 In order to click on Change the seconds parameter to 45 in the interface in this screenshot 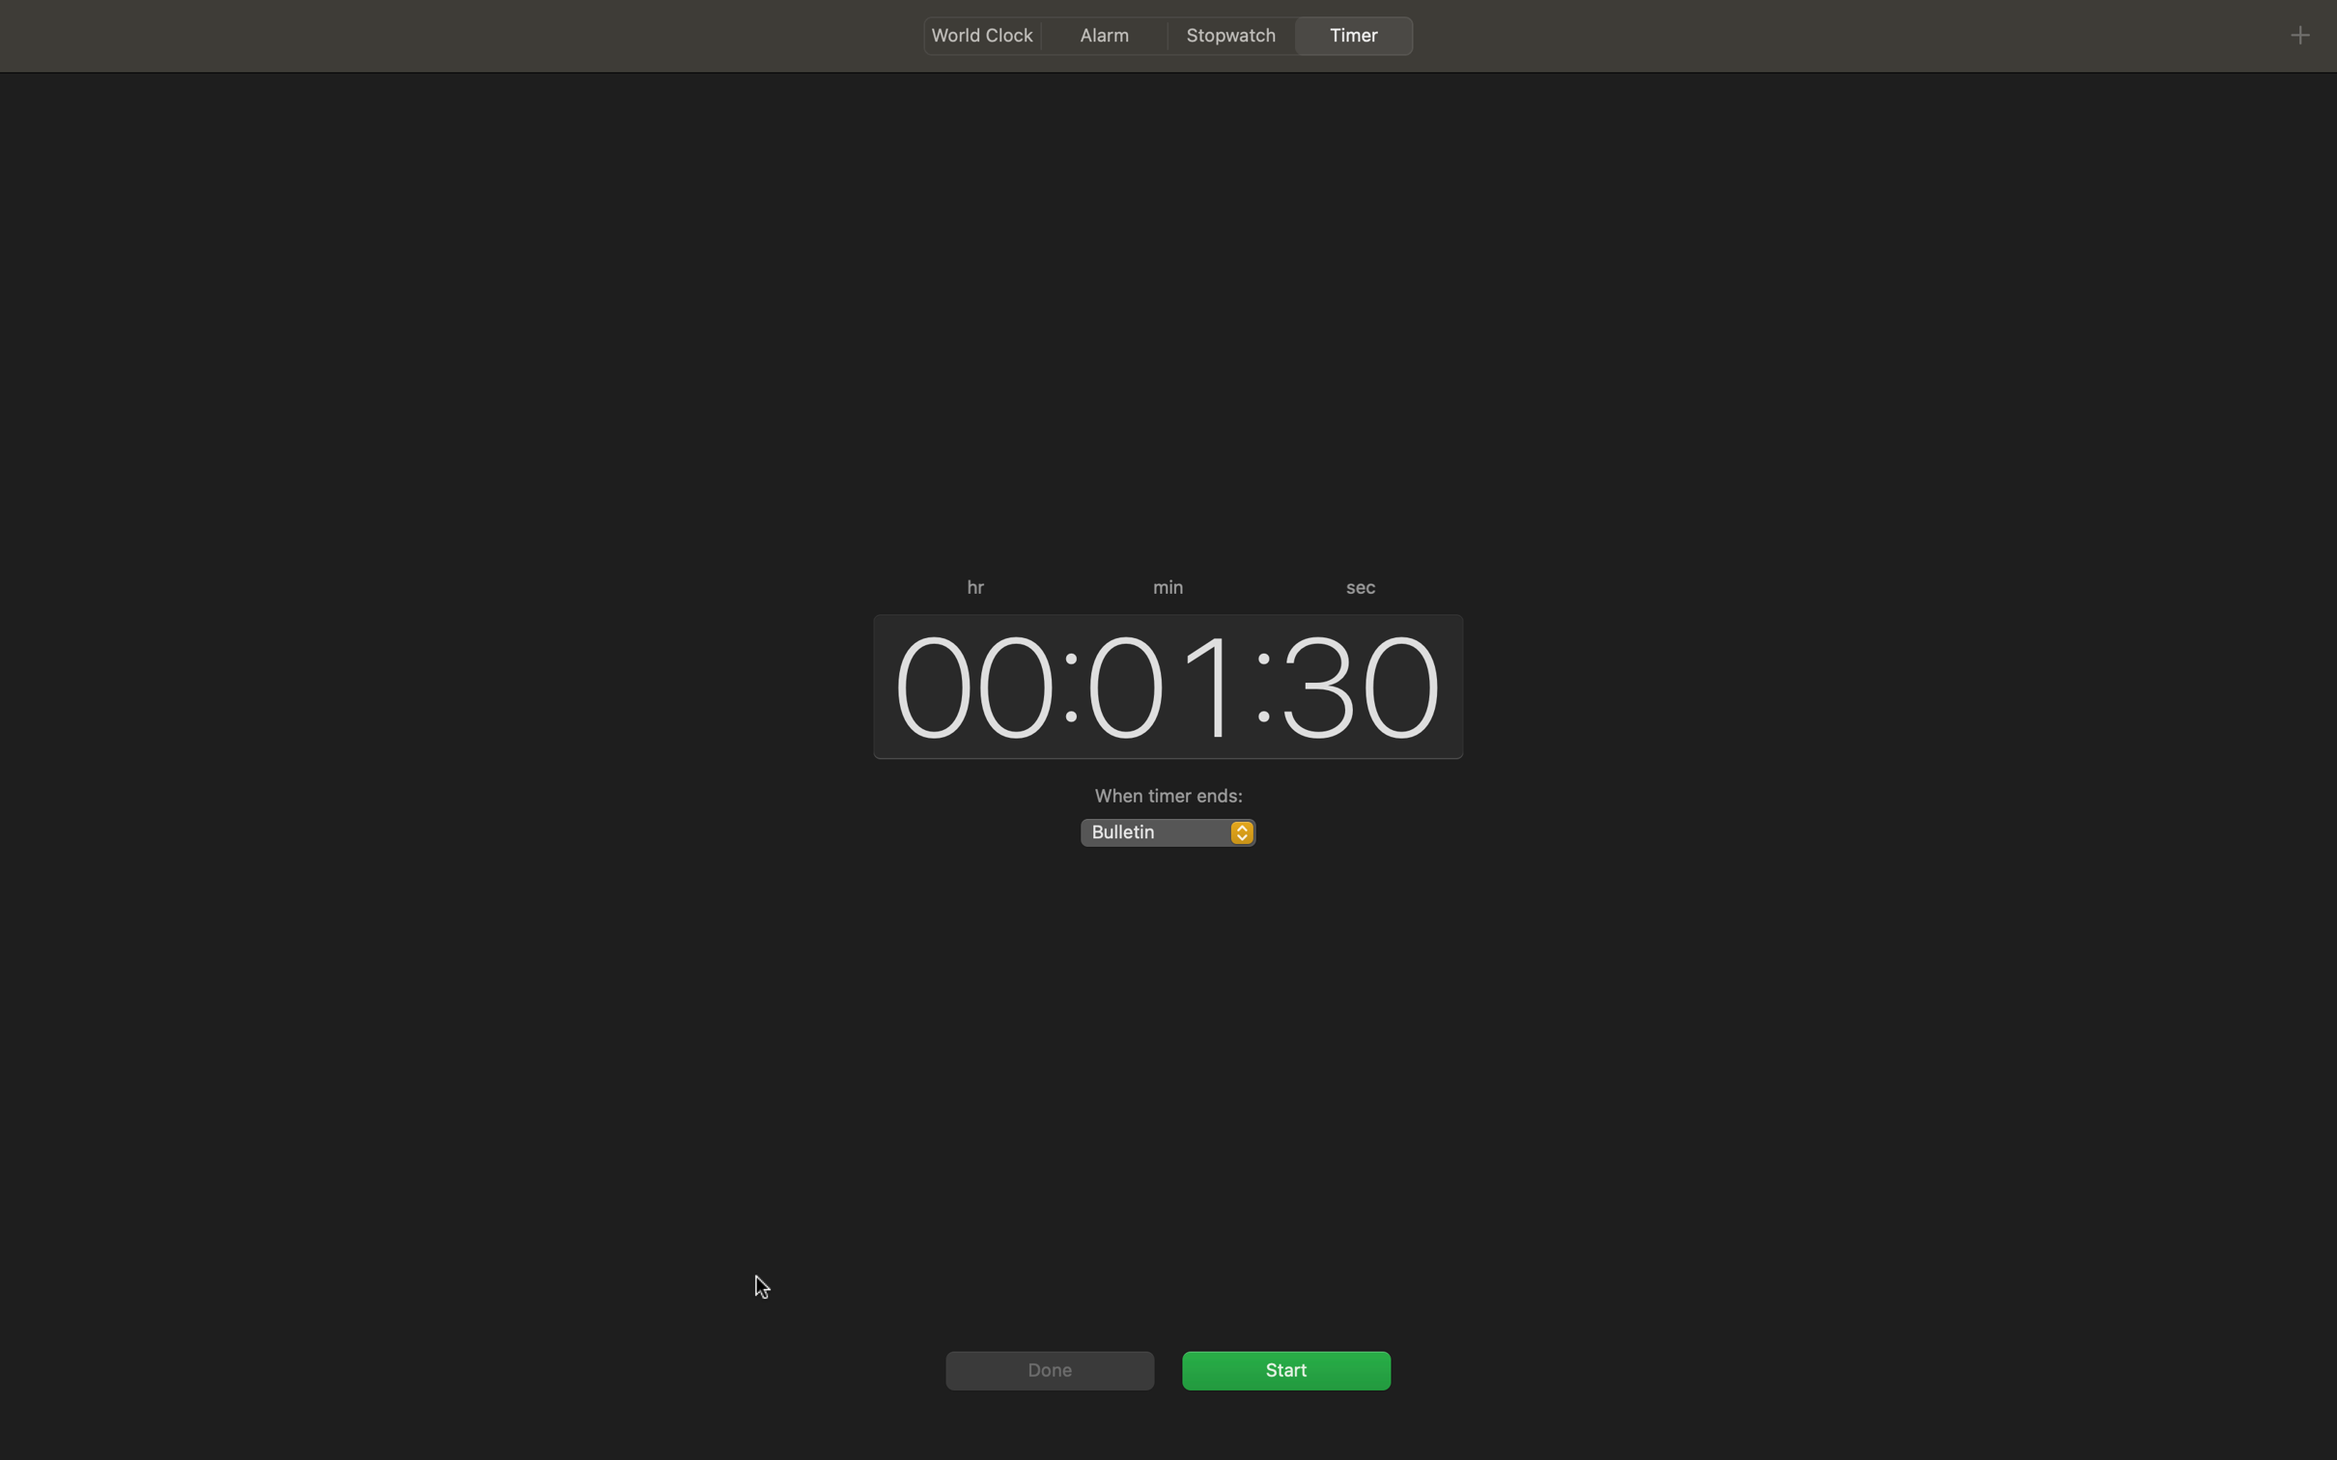, I will do `click(1363, 681)`.